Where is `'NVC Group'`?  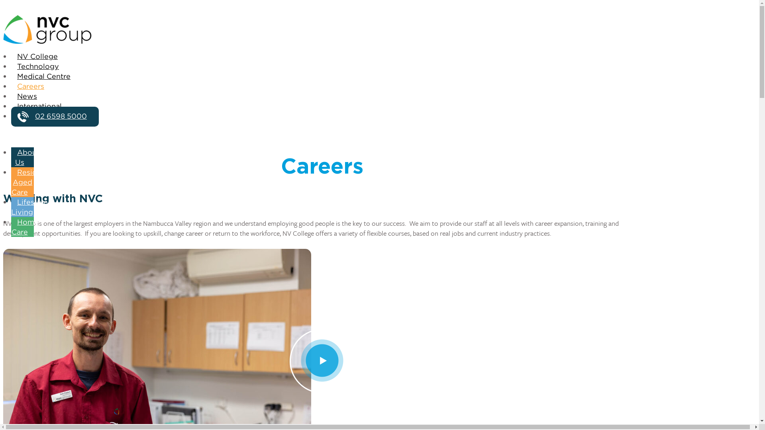
'NVC Group' is located at coordinates (322, 29).